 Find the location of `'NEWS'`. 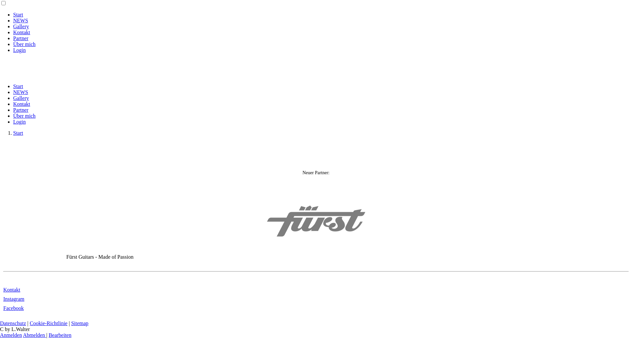

'NEWS' is located at coordinates (20, 92).